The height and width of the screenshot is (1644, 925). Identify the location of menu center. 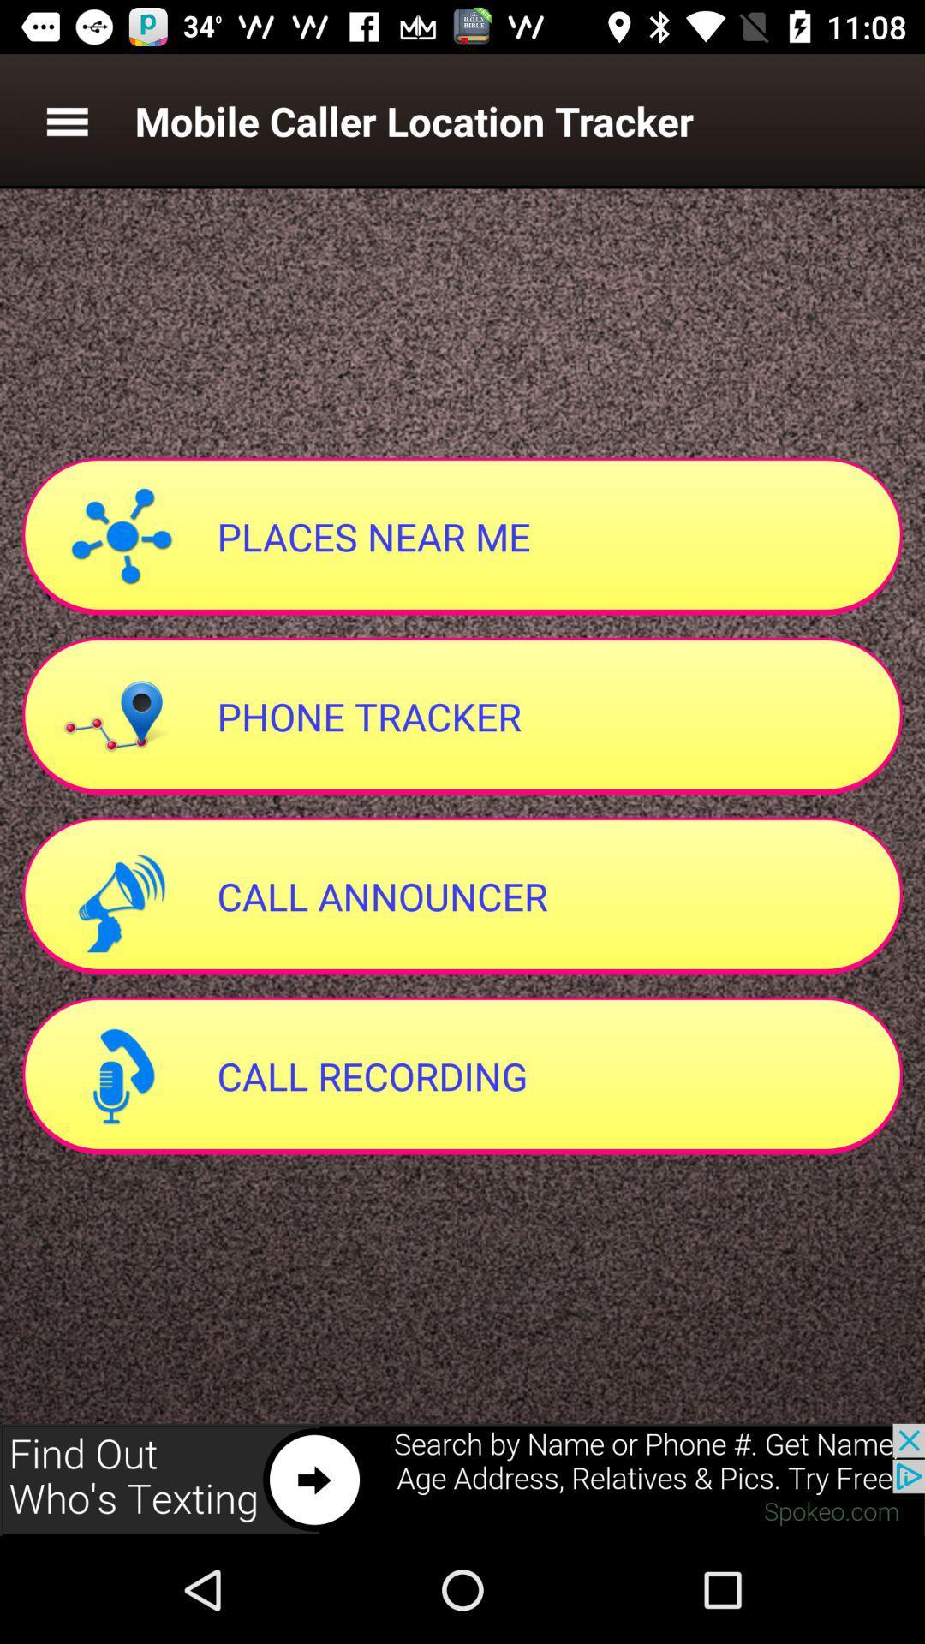
(66, 120).